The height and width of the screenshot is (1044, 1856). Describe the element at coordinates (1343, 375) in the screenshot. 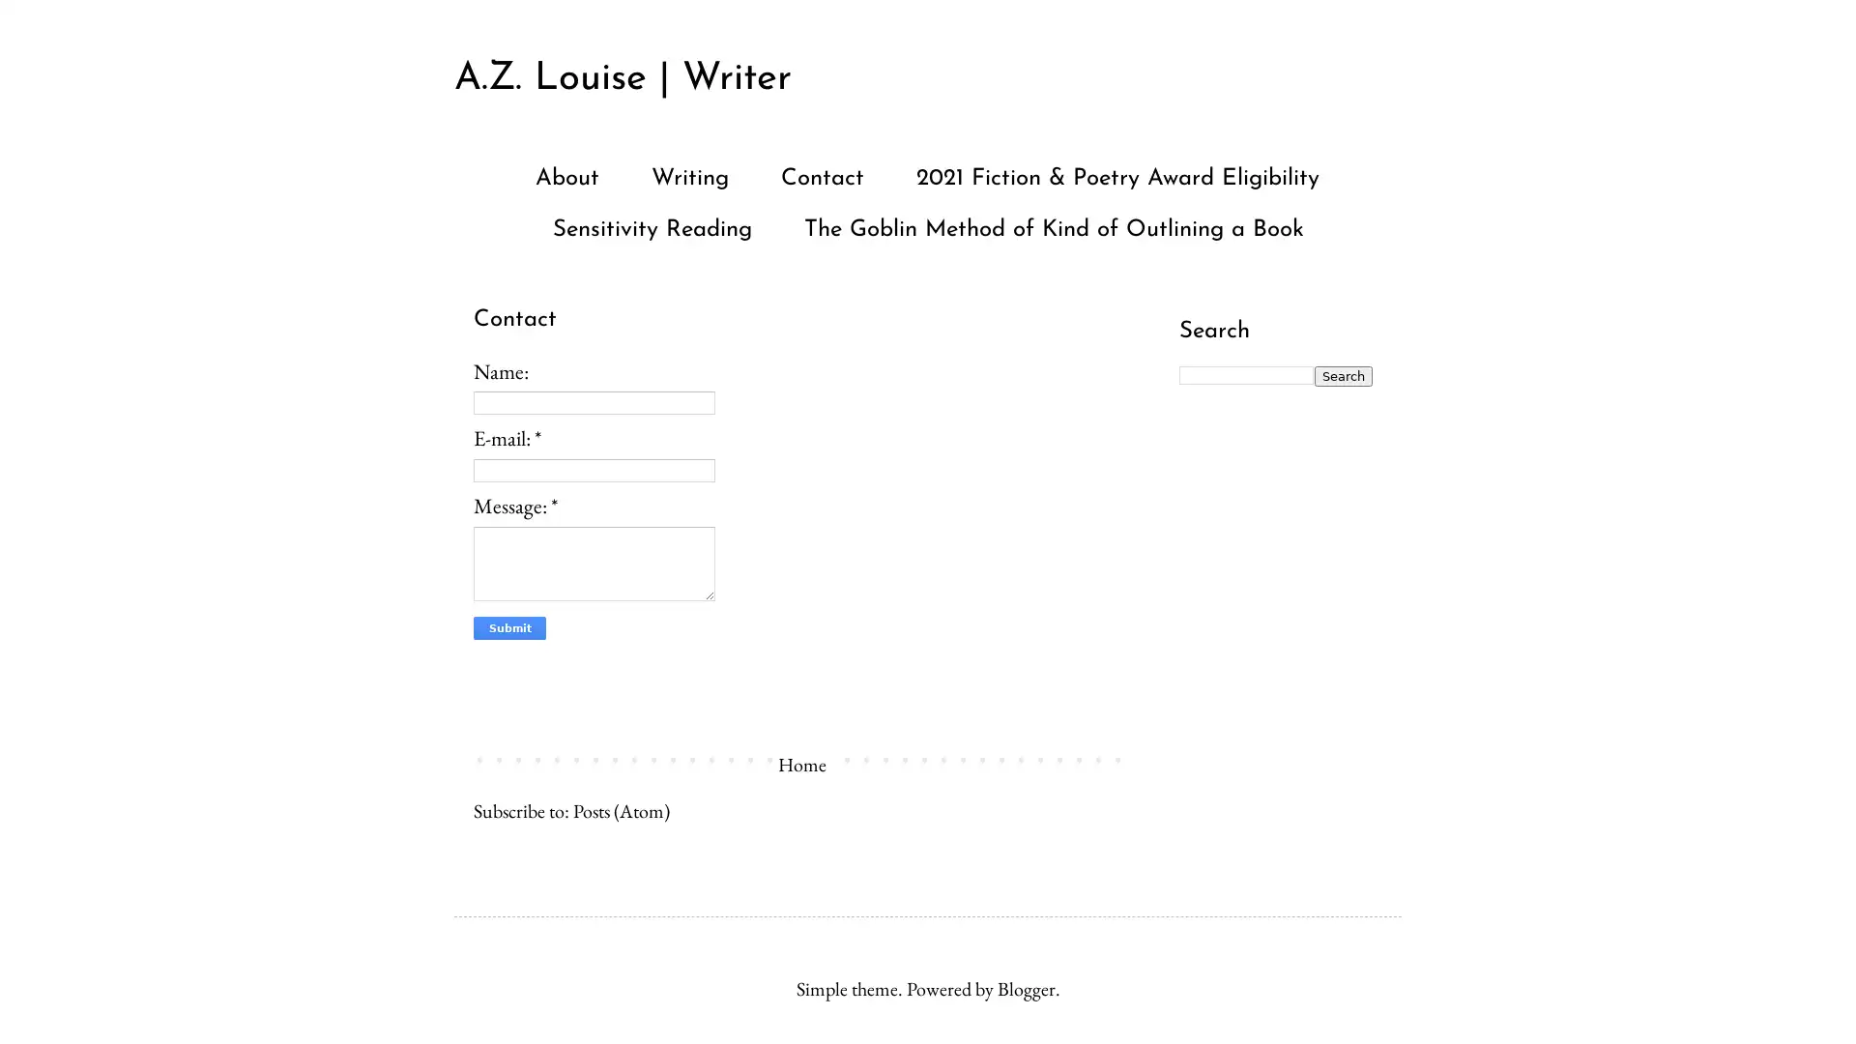

I see `Search` at that location.